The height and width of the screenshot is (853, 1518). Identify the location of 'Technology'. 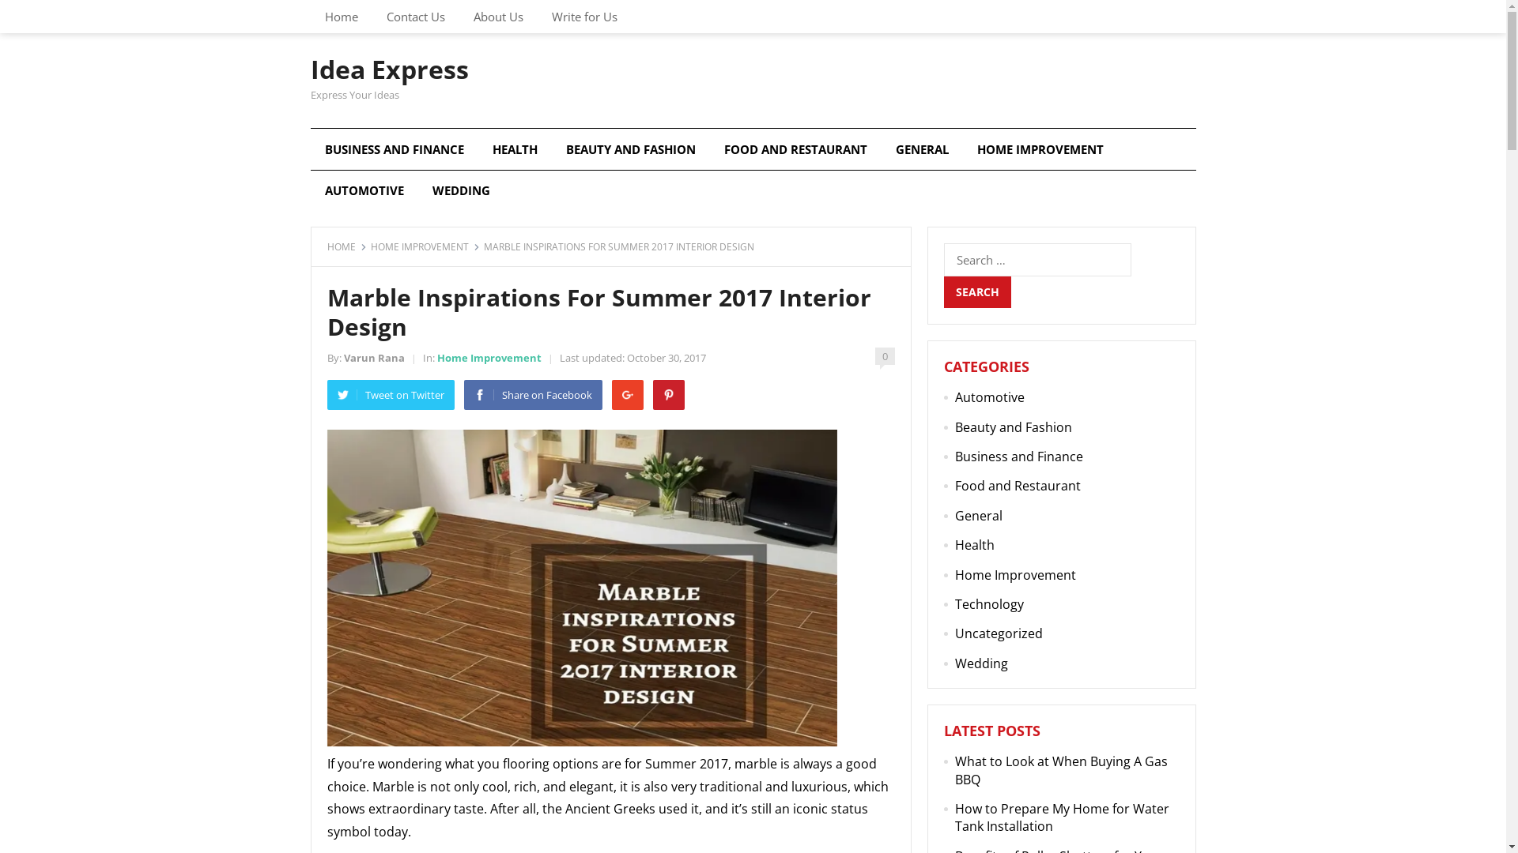
(954, 603).